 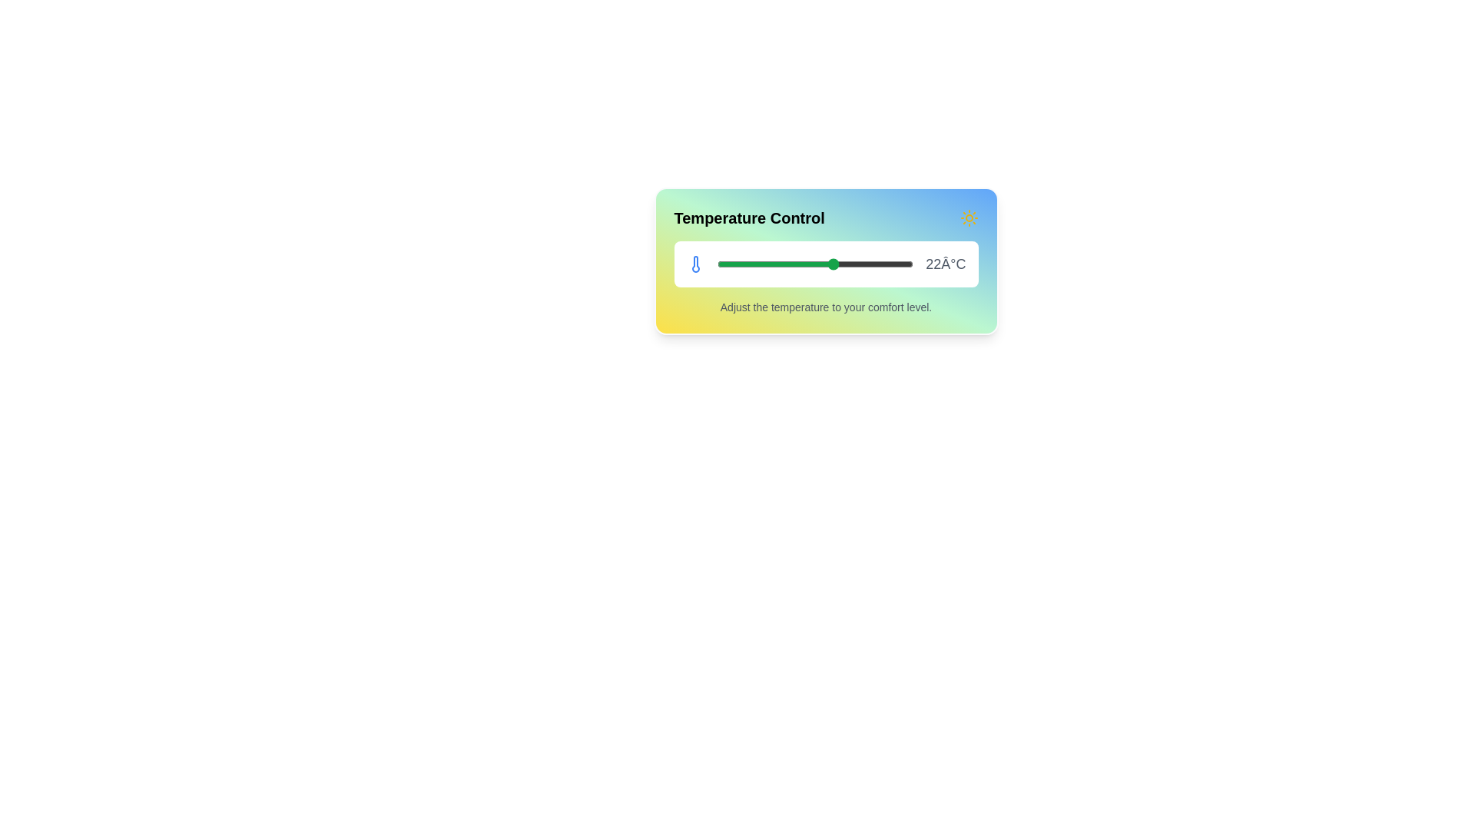 I want to click on the temperature, so click(x=735, y=260).